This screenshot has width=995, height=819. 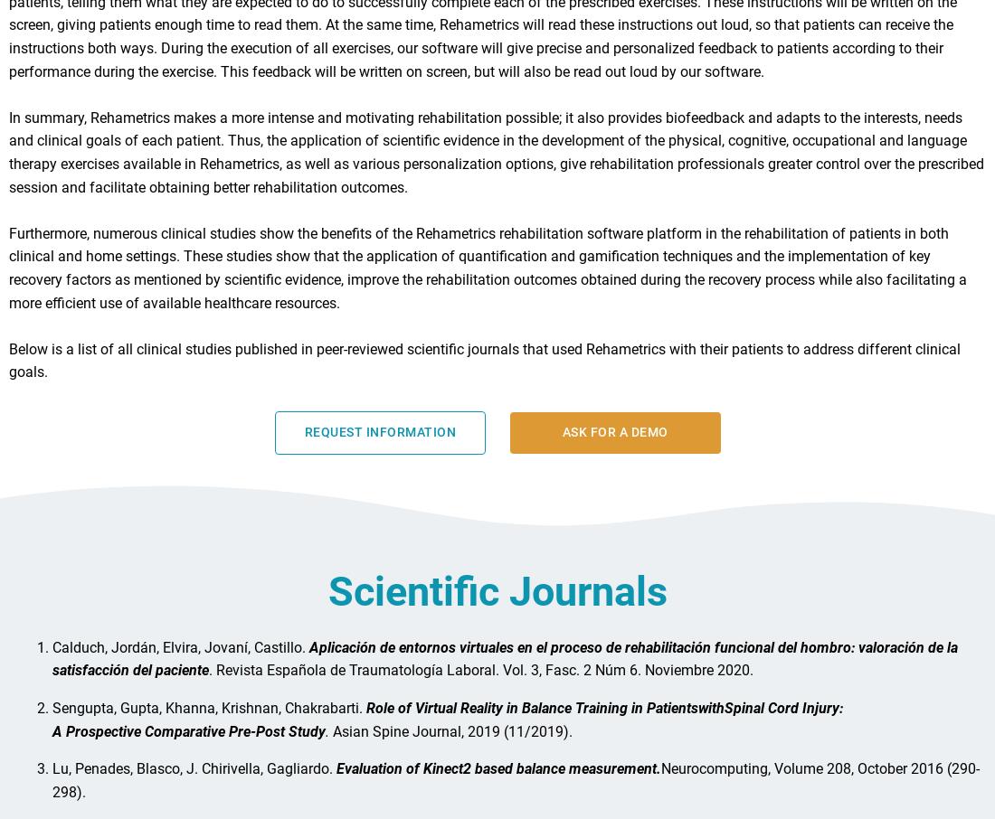 What do you see at coordinates (8, 274) in the screenshot?
I see `'Furthermore, numerous clinical studies show the benefits of the Rehametrics rehabilitation software platform in the rehabilitation of patients in both clinical and home settings. These studies show that the application of quantification and gamification techniques and the implementation of key recovery factors as mentioned by scientific evidence, improve the rehabilitation outcomes obtained during the recovery process while also facilitating a more efficient use of available healthcare resources.'` at bounding box center [8, 274].